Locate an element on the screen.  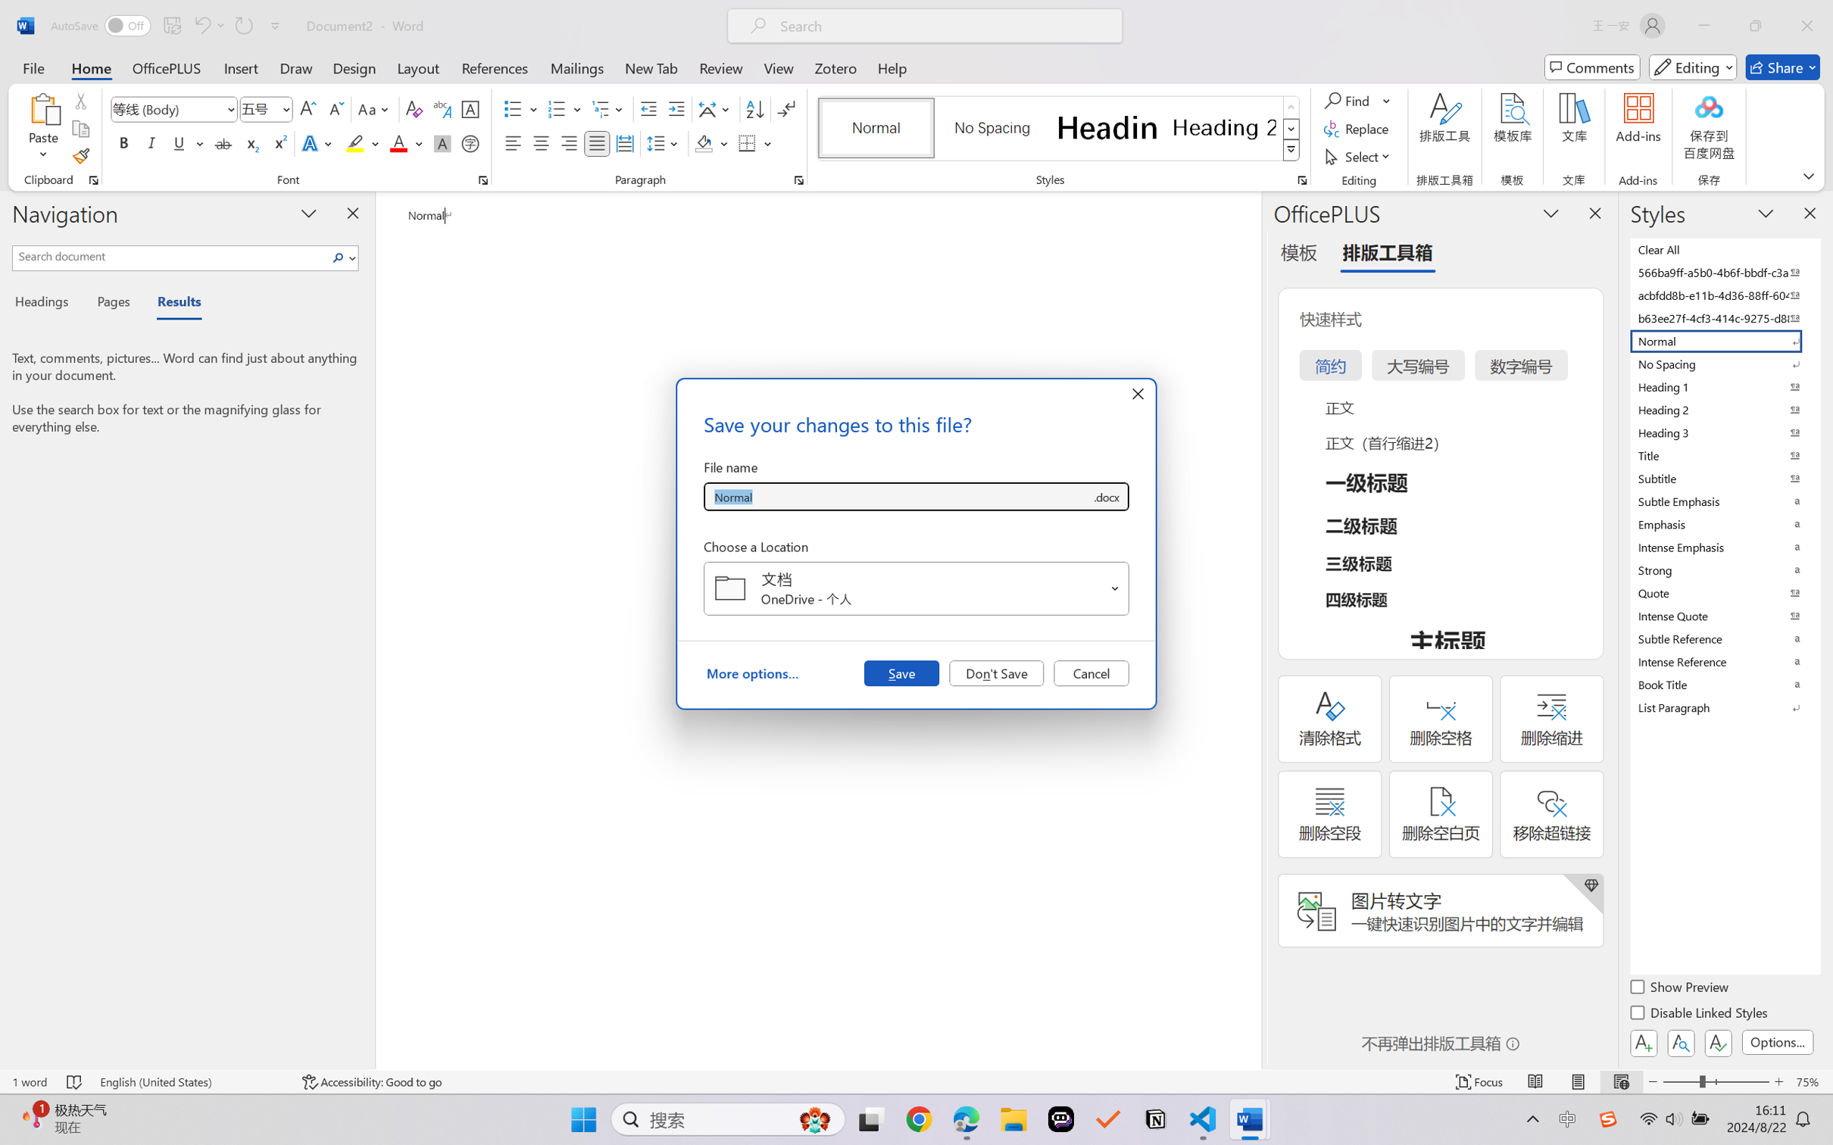
'Enclose Characters...' is located at coordinates (470, 142).